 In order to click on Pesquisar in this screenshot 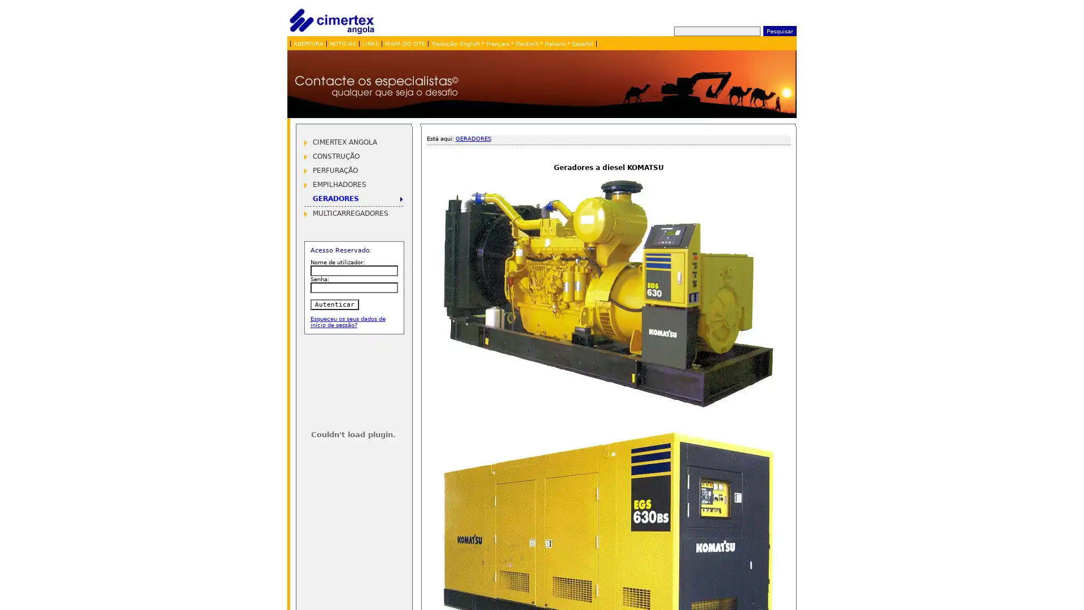, I will do `click(779, 30)`.